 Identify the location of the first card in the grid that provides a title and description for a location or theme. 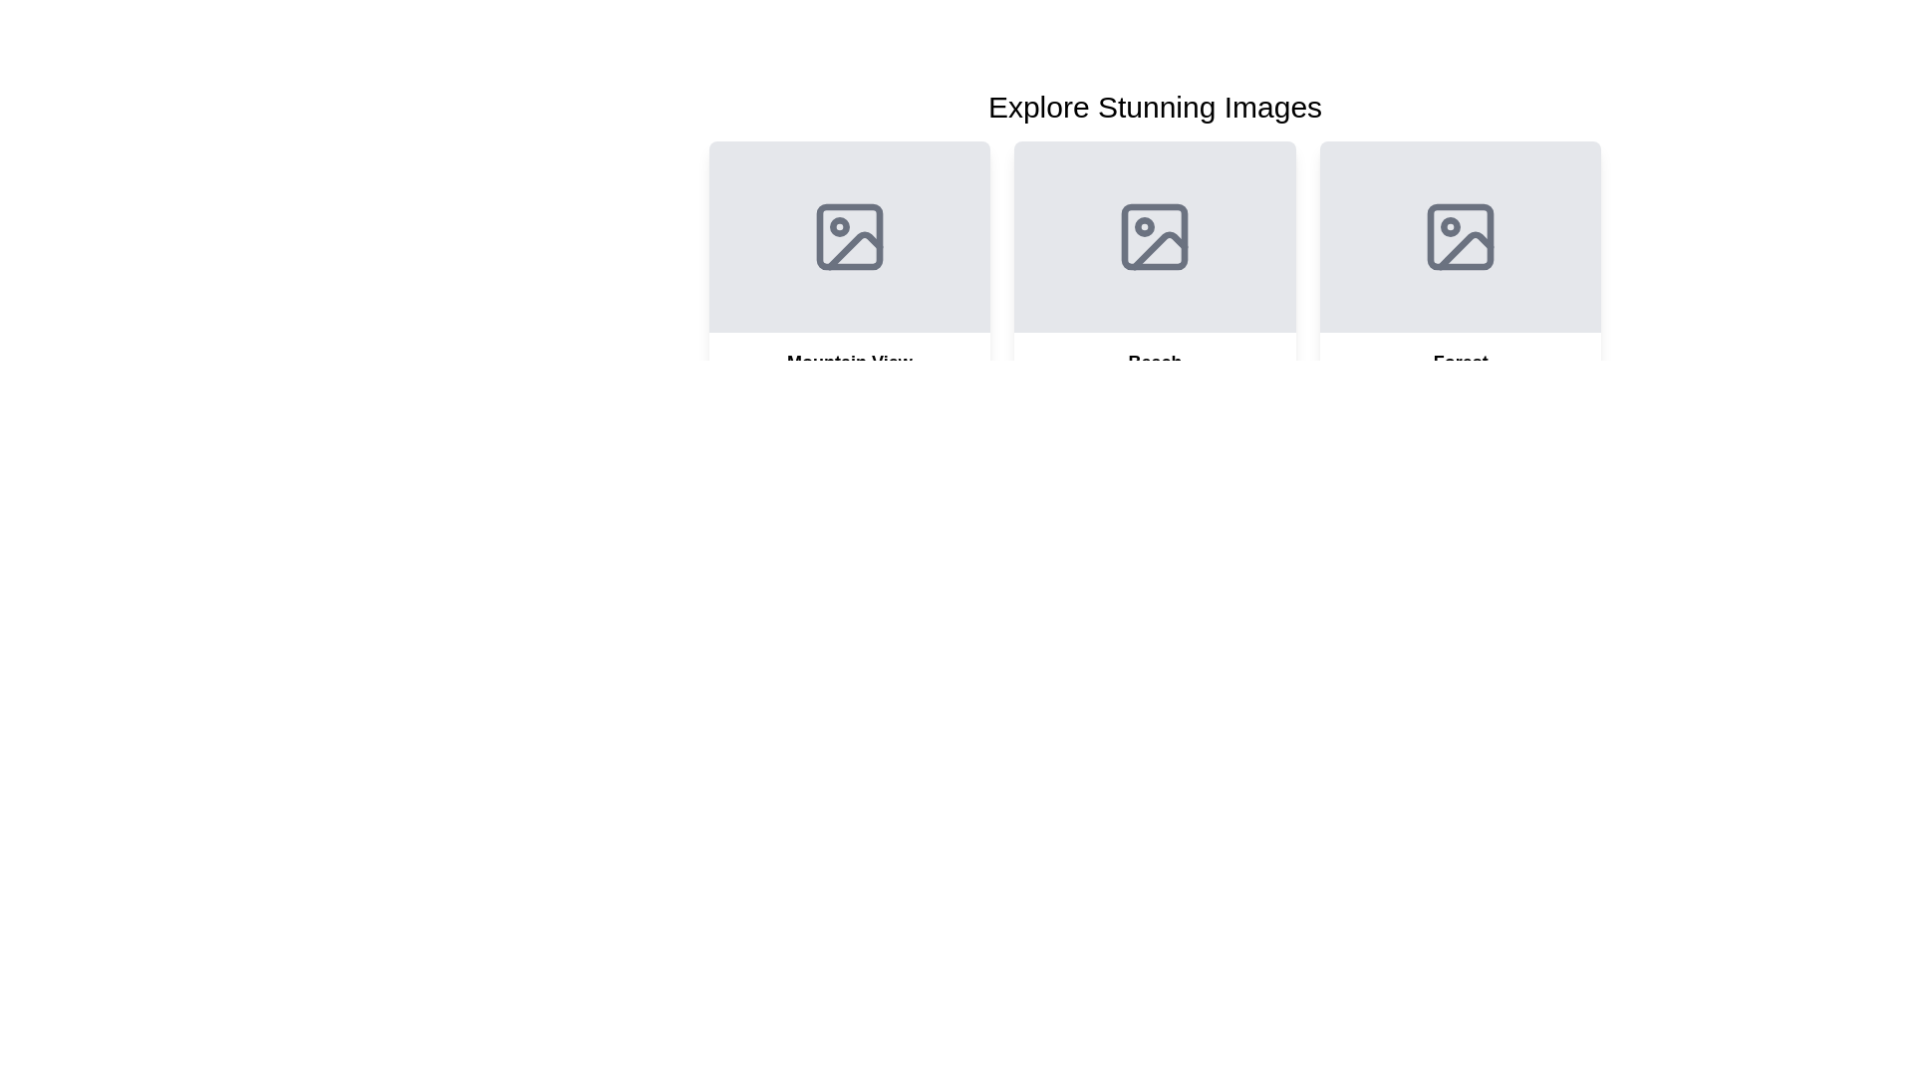
(849, 296).